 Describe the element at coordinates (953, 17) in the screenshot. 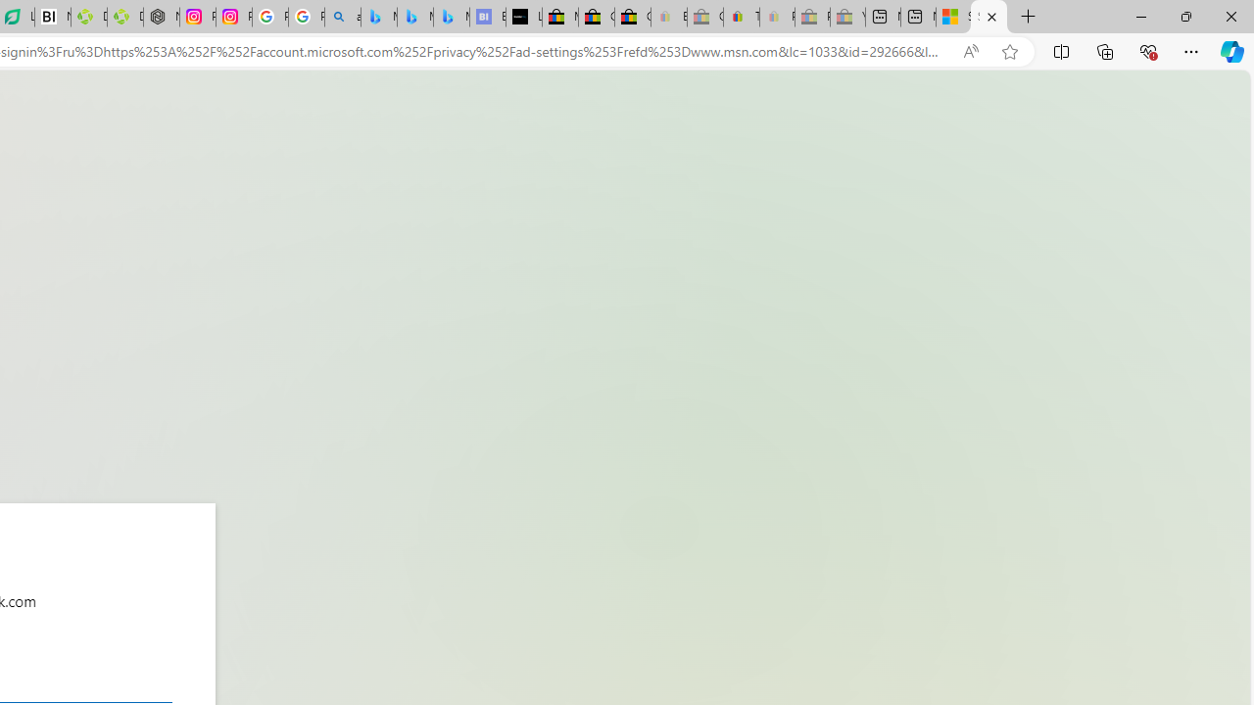

I see `'Shanghai, China hourly forecast | Microsoft Weather'` at that location.